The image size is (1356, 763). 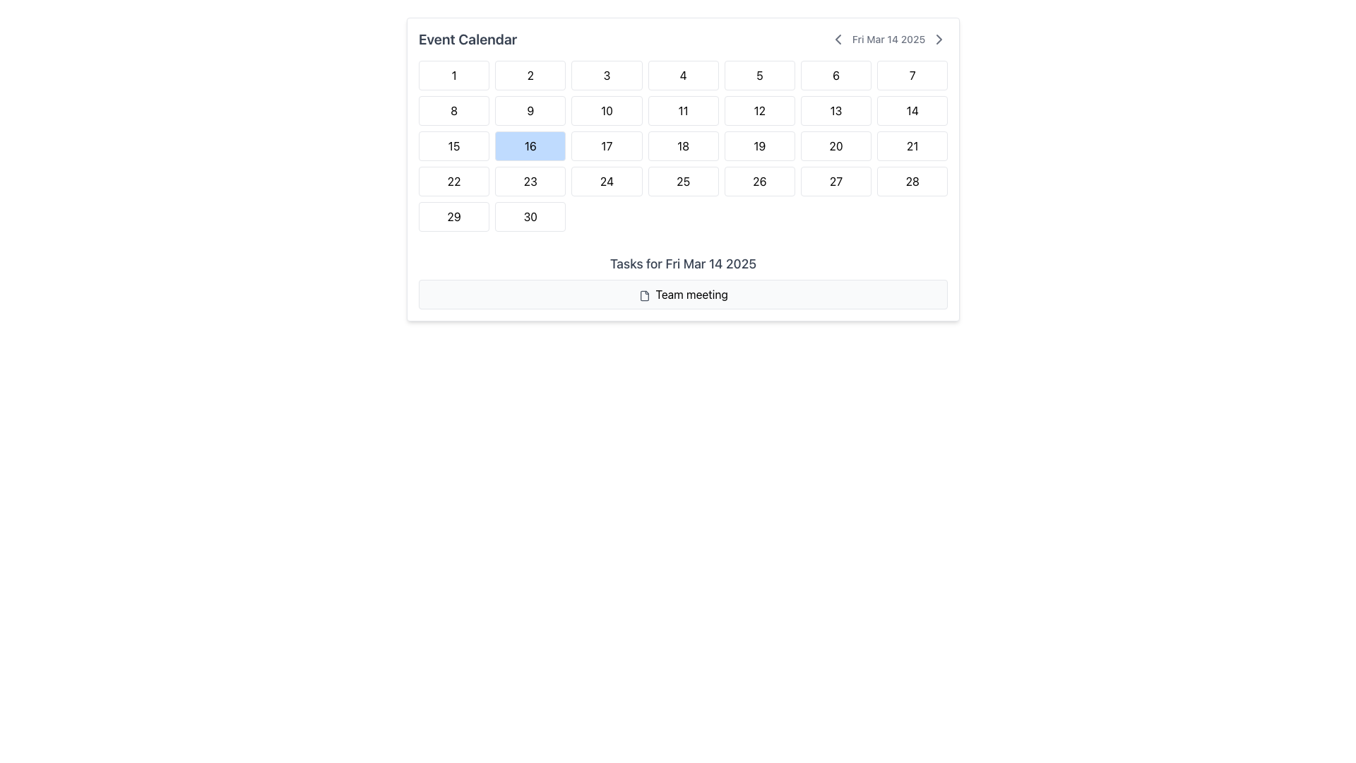 What do you see at coordinates (454, 217) in the screenshot?
I see `the calendar day cell displaying the number '29' to trigger a tooltip or highlight effect` at bounding box center [454, 217].